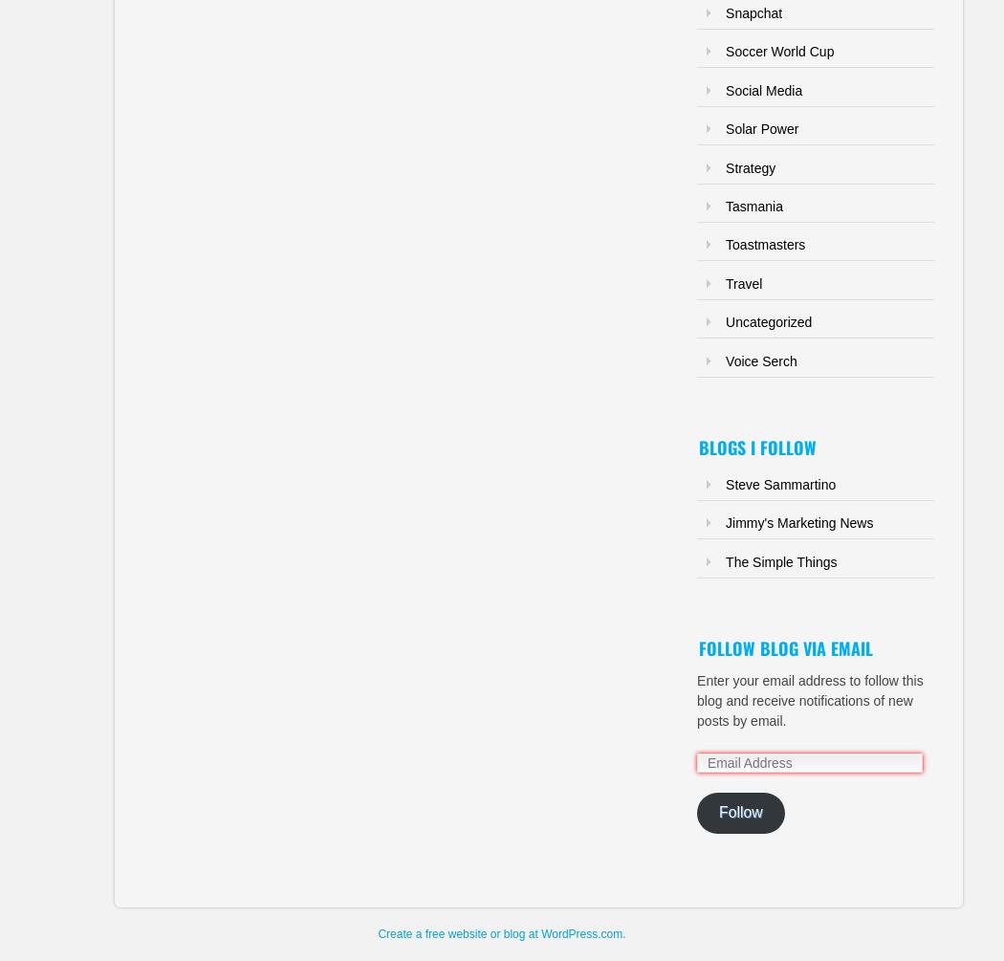 This screenshot has width=1004, height=961. What do you see at coordinates (726, 321) in the screenshot?
I see `'Uncategorized'` at bounding box center [726, 321].